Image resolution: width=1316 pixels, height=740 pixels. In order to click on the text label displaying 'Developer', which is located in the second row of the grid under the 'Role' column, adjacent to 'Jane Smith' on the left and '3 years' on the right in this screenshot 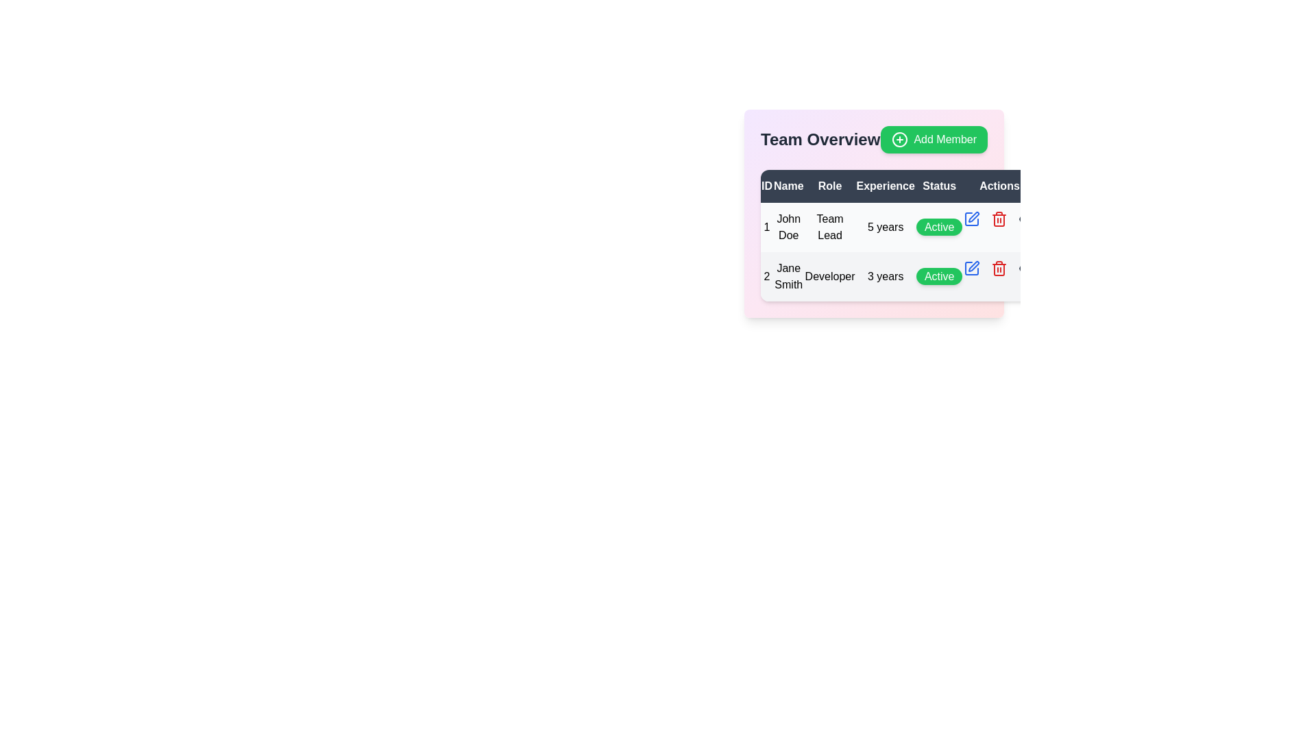, I will do `click(829, 277)`.